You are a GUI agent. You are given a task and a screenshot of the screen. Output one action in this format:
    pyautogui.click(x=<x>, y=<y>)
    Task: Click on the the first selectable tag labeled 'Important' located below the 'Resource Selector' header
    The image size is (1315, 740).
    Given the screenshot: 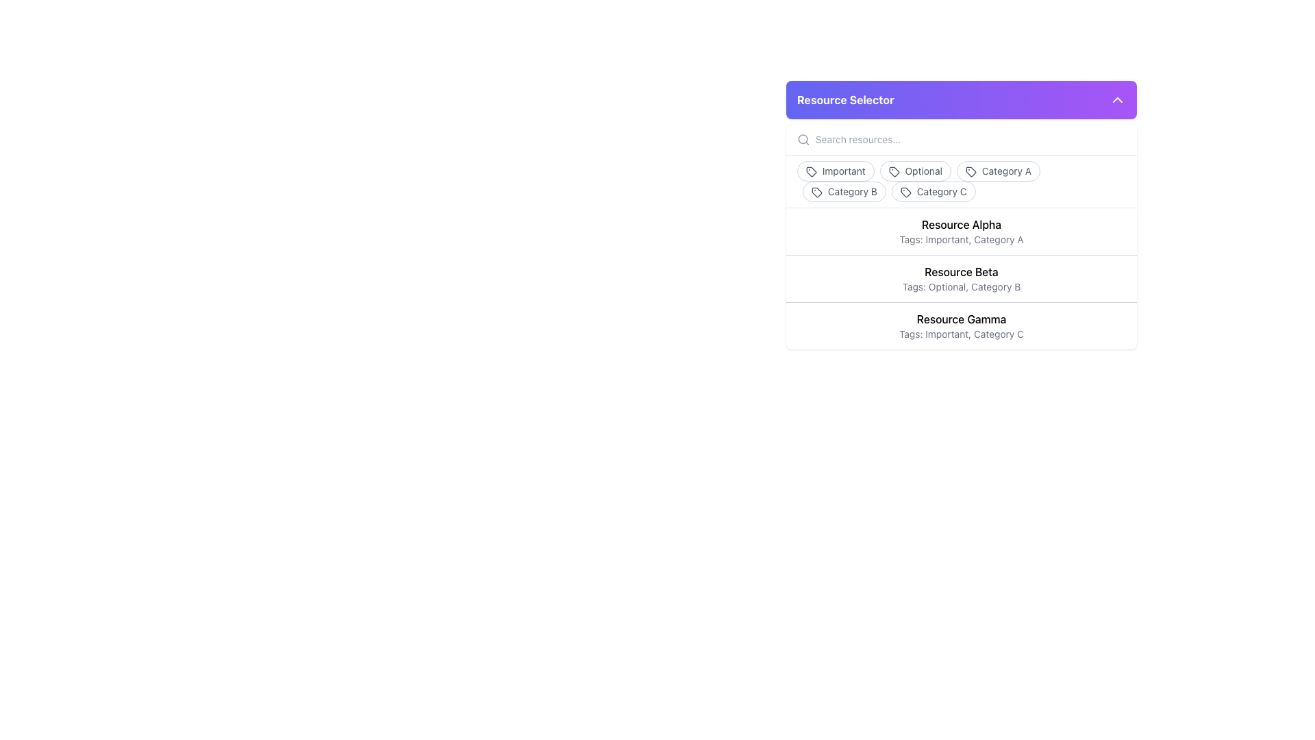 What is the action you would take?
    pyautogui.click(x=834, y=171)
    